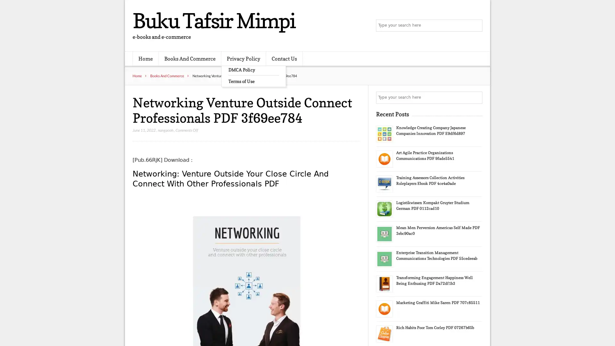  I want to click on Search, so click(476, 26).